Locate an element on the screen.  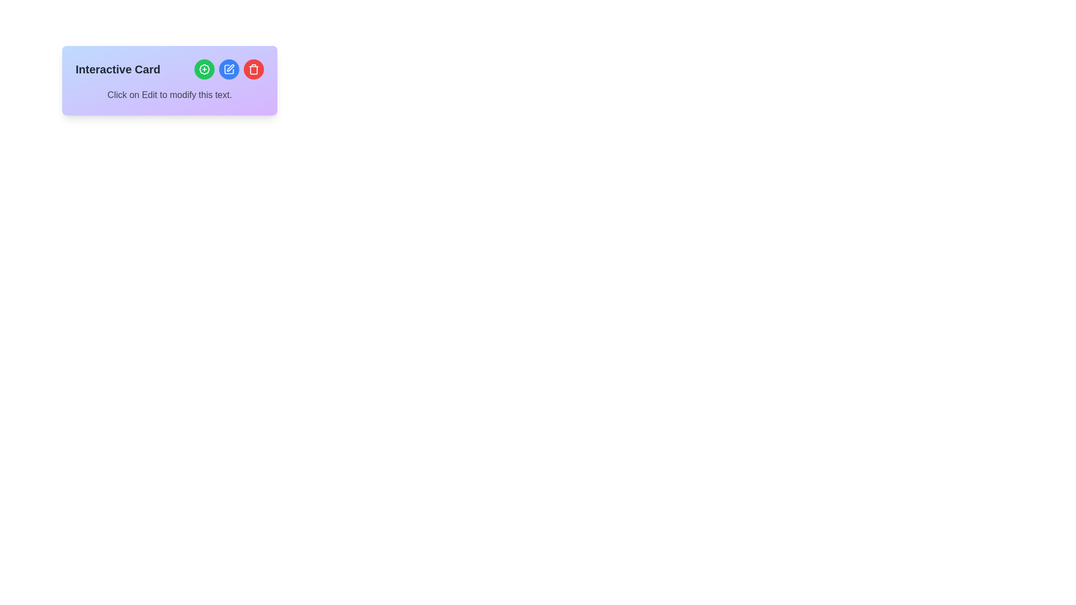
the 'Add' button located in the 'Interactive Card' to change its color is located at coordinates (204, 69).